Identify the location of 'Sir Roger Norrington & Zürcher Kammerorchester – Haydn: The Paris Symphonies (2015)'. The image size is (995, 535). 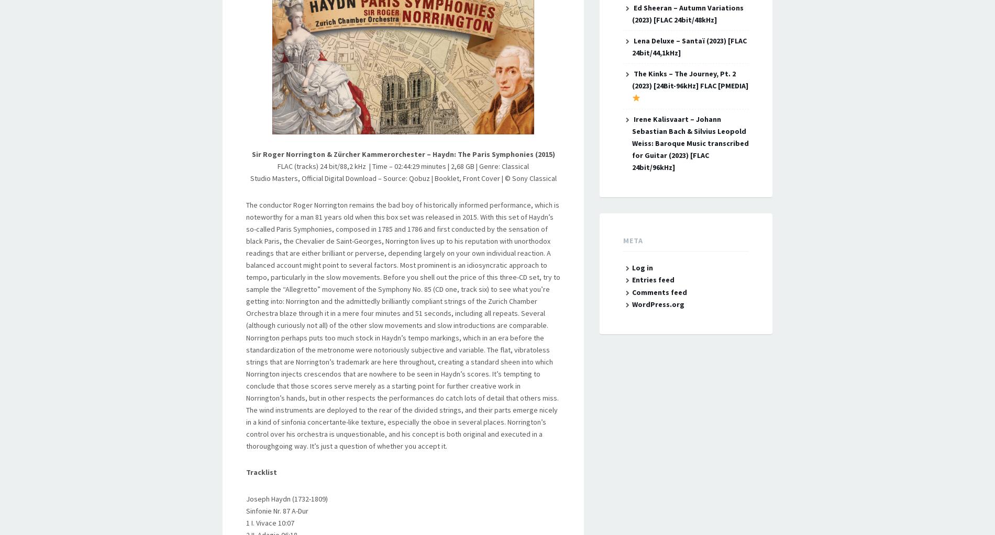
(402, 154).